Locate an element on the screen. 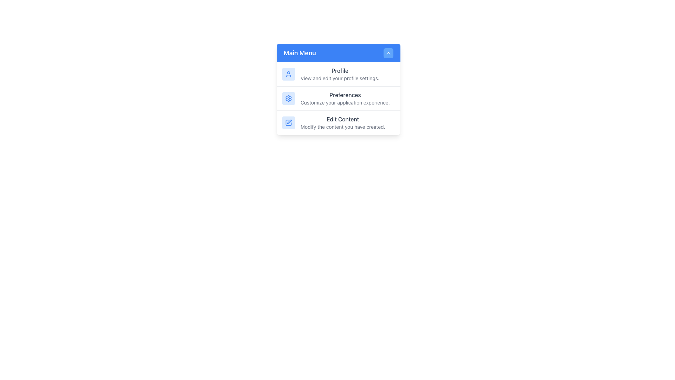 The image size is (675, 380). textual information from the 'Edit Content' informational element located in the dropdown menu titled 'Main Menu' is located at coordinates (343, 122).